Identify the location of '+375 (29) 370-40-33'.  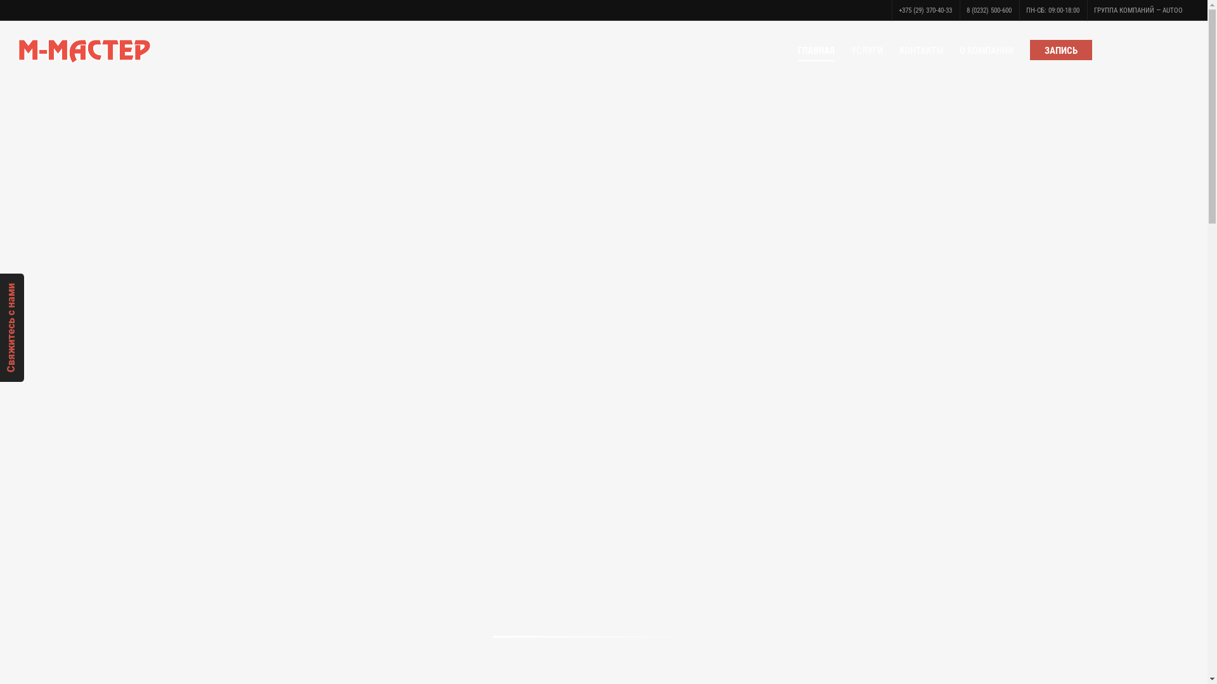
(891, 10).